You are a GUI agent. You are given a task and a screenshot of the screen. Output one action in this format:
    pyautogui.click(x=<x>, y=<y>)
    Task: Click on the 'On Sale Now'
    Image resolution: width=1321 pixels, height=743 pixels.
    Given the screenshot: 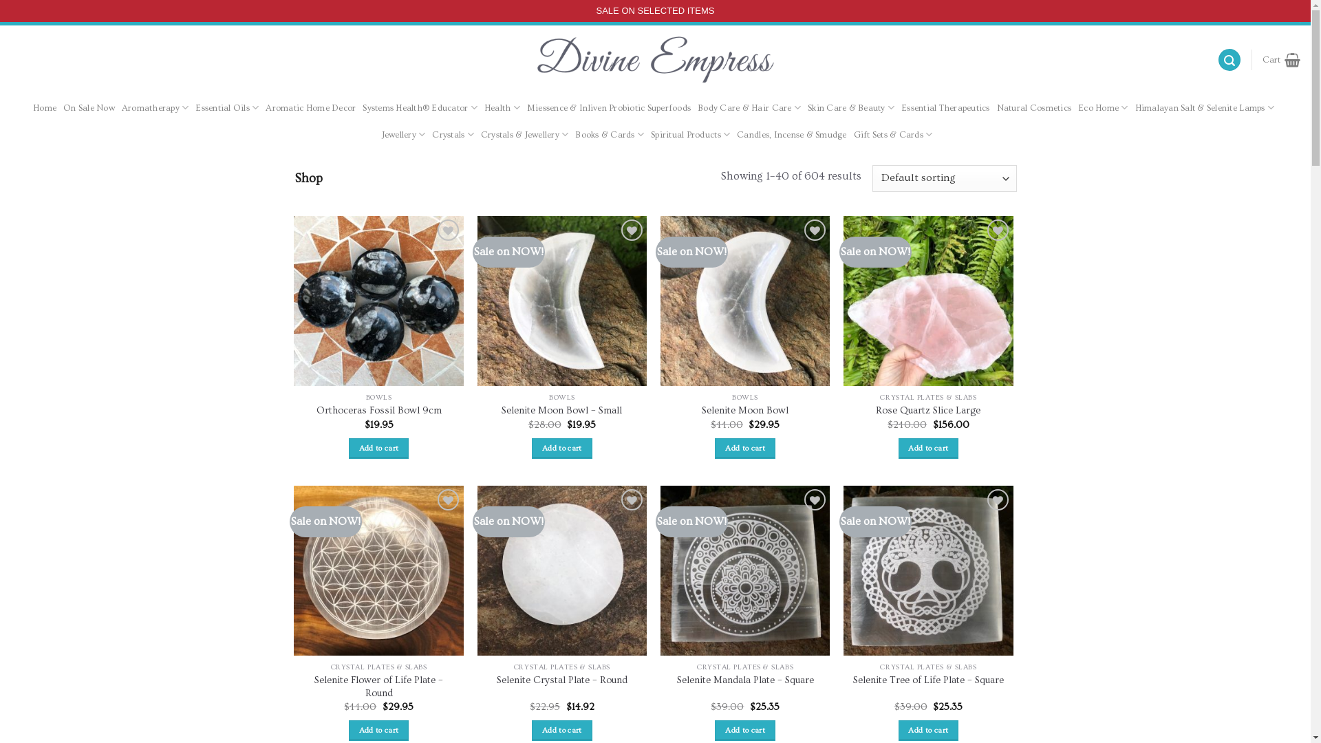 What is the action you would take?
    pyautogui.click(x=88, y=107)
    